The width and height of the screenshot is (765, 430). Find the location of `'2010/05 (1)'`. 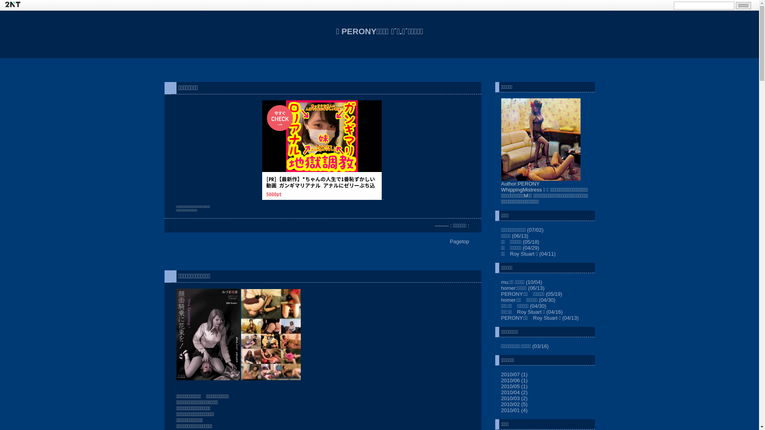

'2010/05 (1)' is located at coordinates (514, 386).